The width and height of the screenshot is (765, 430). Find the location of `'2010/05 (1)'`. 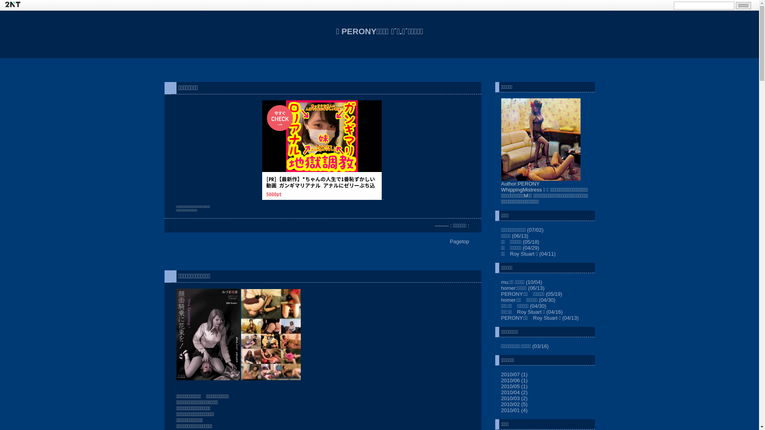

'2010/05 (1)' is located at coordinates (514, 386).